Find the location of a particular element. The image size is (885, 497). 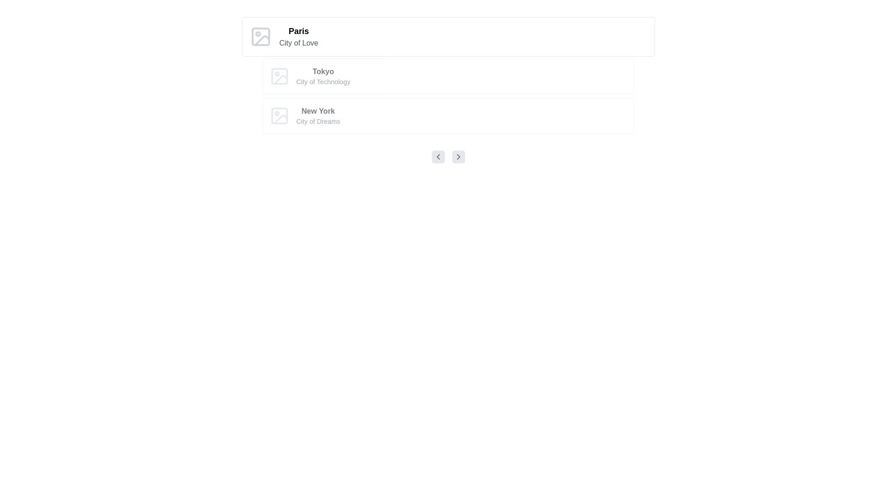

the Chevron-Left icon, which is part of a Button Control used for navigation to indicate its active state is located at coordinates (437, 156).